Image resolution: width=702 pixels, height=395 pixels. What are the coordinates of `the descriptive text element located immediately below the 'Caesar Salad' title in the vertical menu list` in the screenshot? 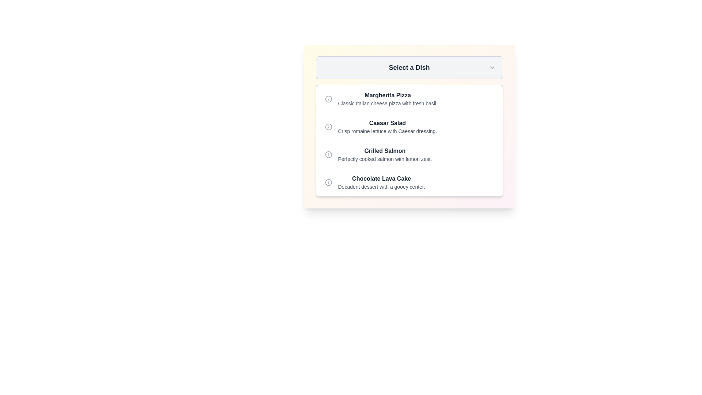 It's located at (387, 131).